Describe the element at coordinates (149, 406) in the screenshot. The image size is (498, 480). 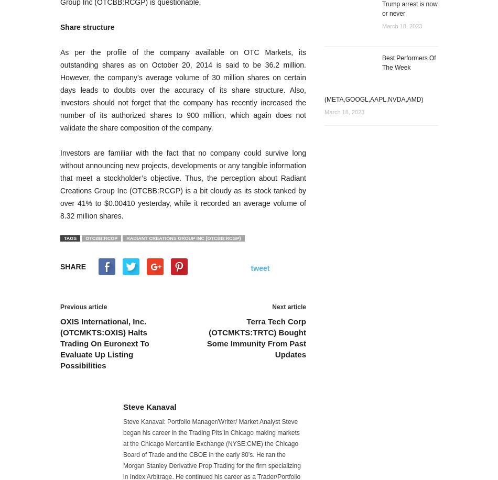
I see `'Steve Kanaval'` at that location.